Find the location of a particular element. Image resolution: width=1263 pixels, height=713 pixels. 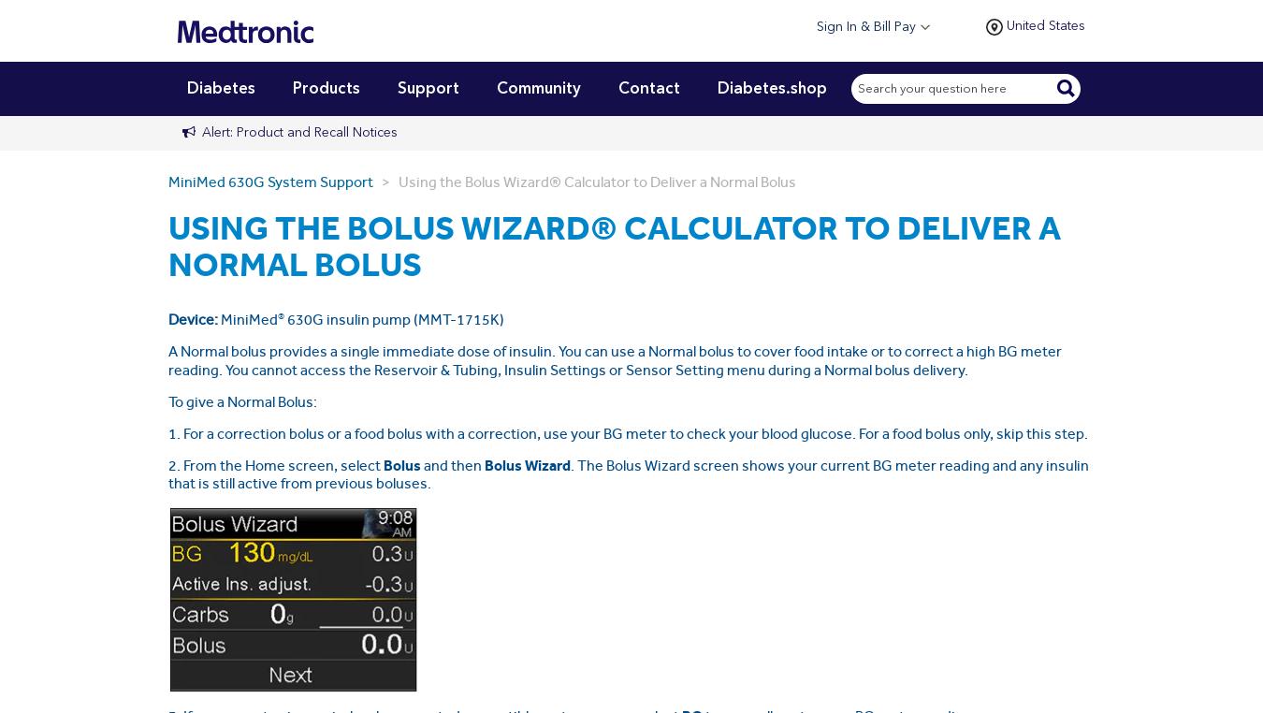

'Community' is located at coordinates (539, 88).